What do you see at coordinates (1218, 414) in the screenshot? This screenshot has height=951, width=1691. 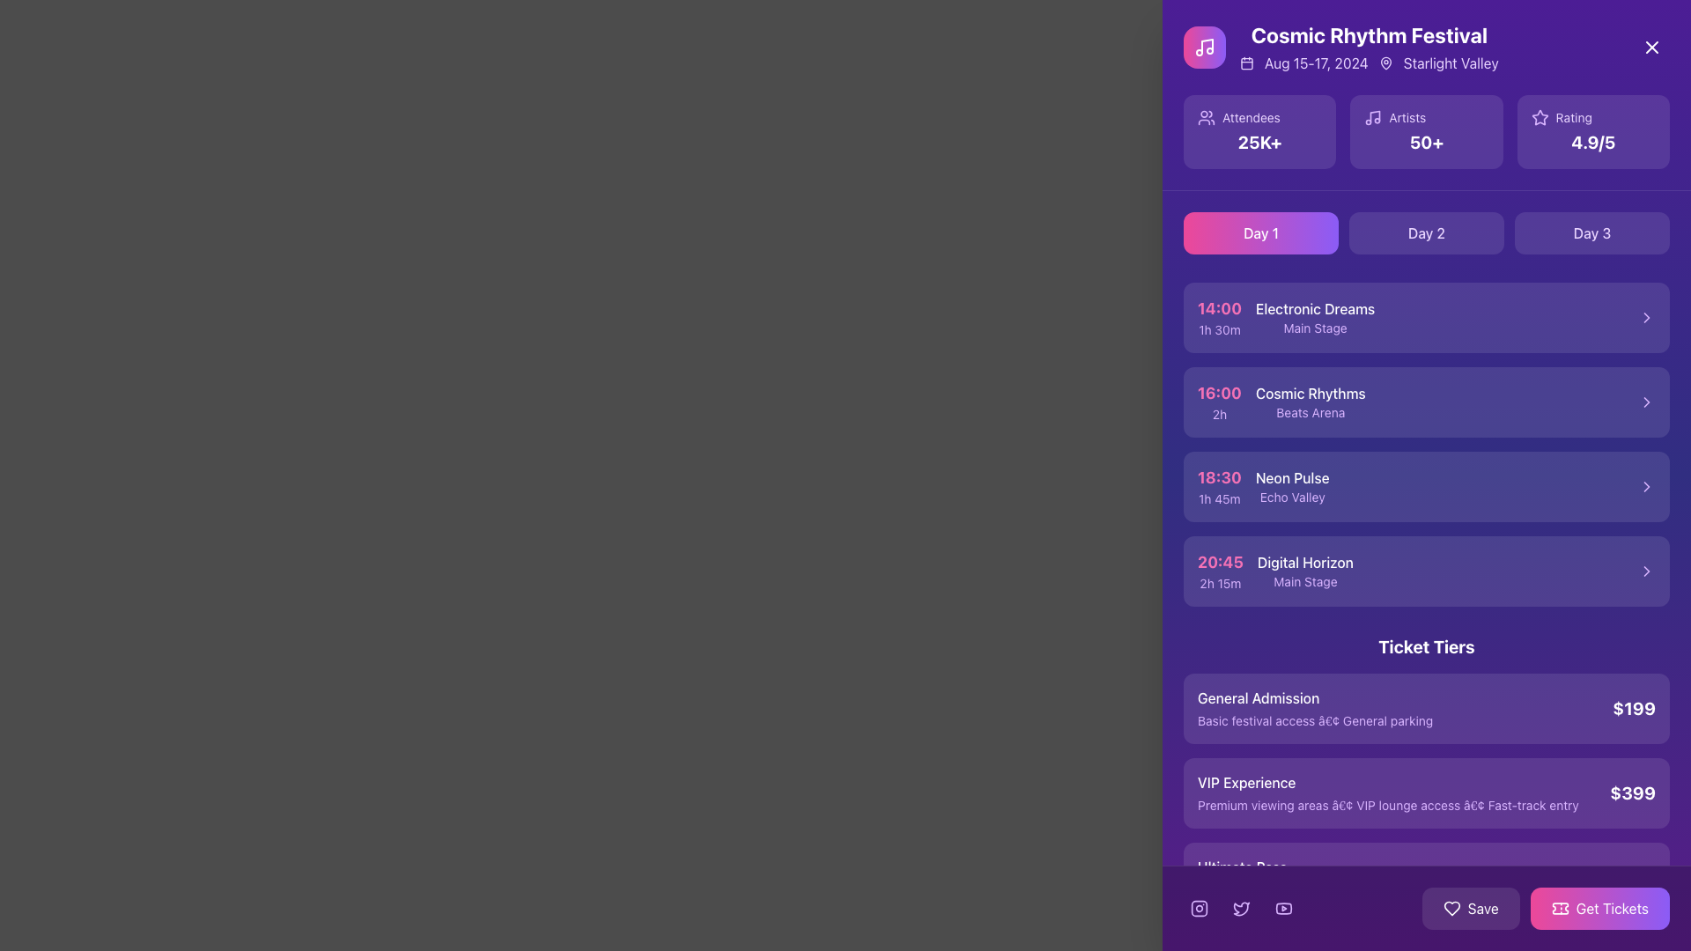 I see `the text display showing '2h', which is located beneath the larger '16:00' text in the event schedule interface for the 'Cosmic Rhythms' event` at bounding box center [1218, 414].